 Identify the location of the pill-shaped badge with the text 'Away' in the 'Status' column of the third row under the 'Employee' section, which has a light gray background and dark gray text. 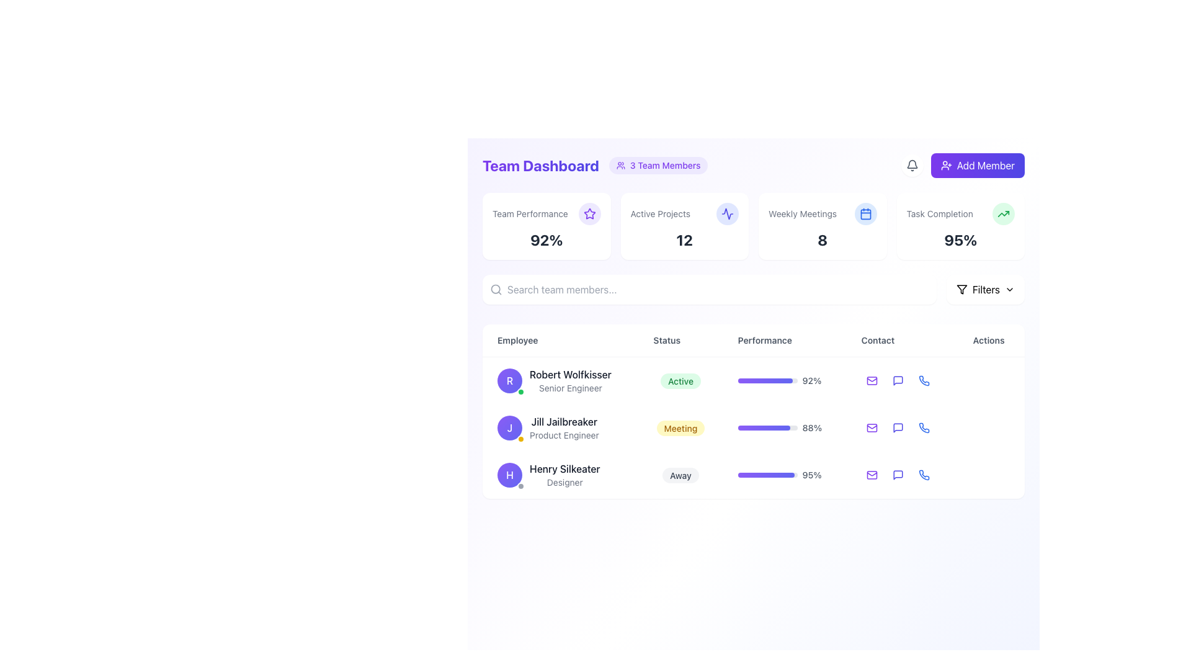
(680, 475).